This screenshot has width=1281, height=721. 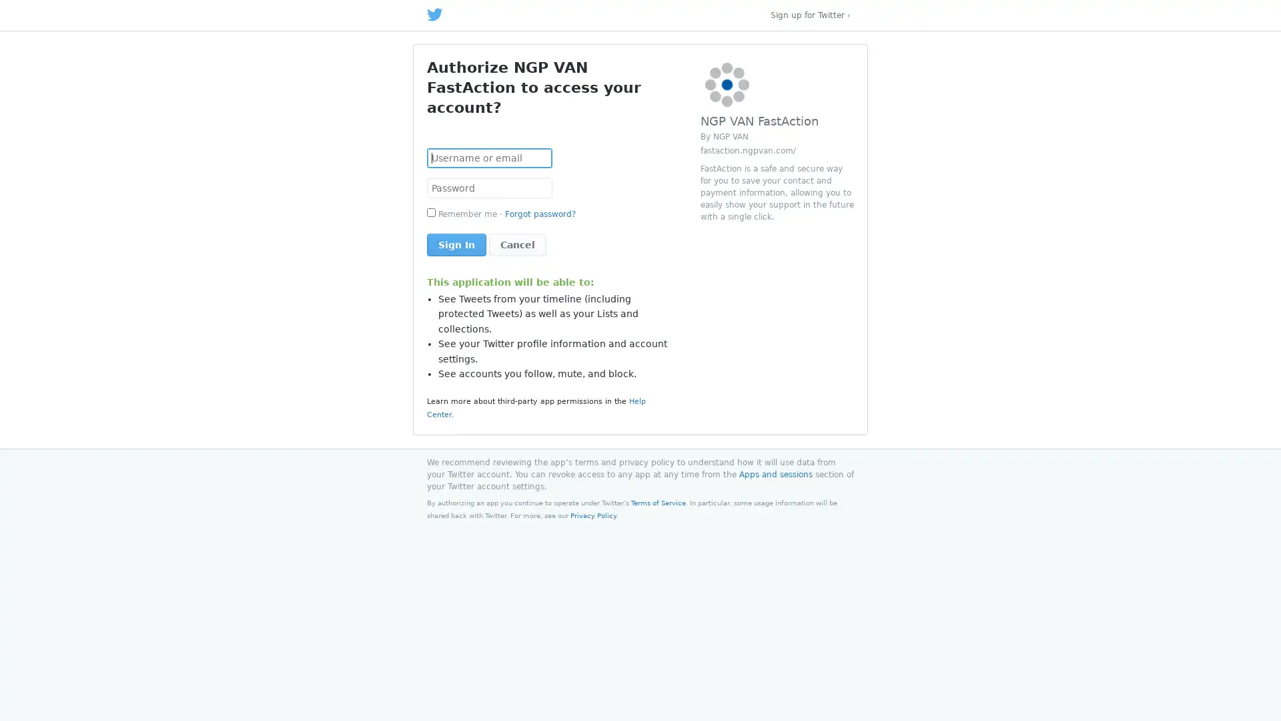 I want to click on Cancel, so click(x=517, y=244).